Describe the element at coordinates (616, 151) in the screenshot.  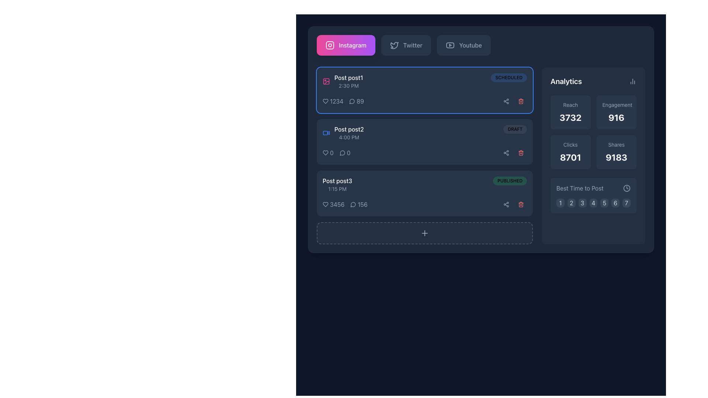
I see `content displayed on the Data display card labeled 'Shares', which shows the value '9183' in a bold font` at that location.